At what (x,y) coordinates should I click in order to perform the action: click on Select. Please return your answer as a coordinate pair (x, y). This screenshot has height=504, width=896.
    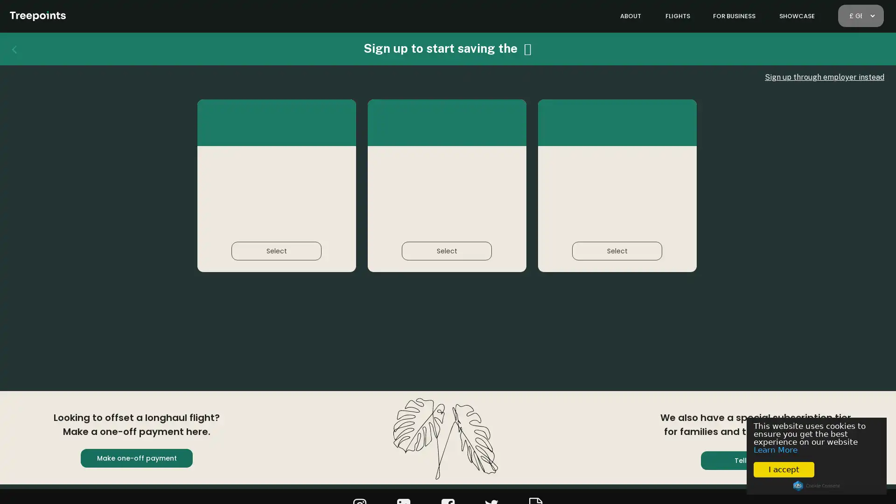
    Looking at the image, I should click on (276, 250).